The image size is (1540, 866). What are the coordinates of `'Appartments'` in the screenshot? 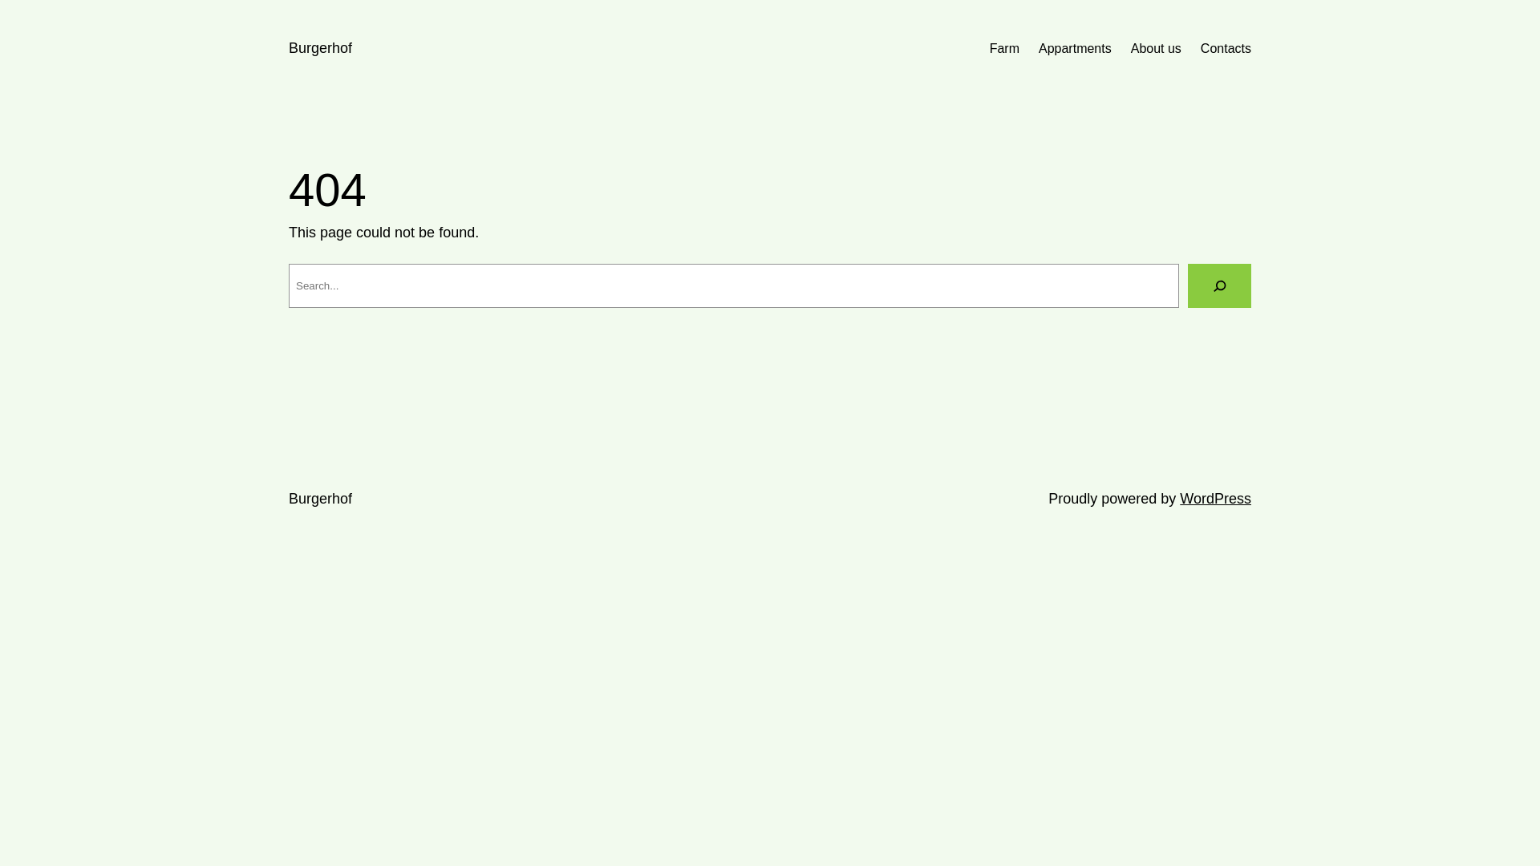 It's located at (1075, 48).